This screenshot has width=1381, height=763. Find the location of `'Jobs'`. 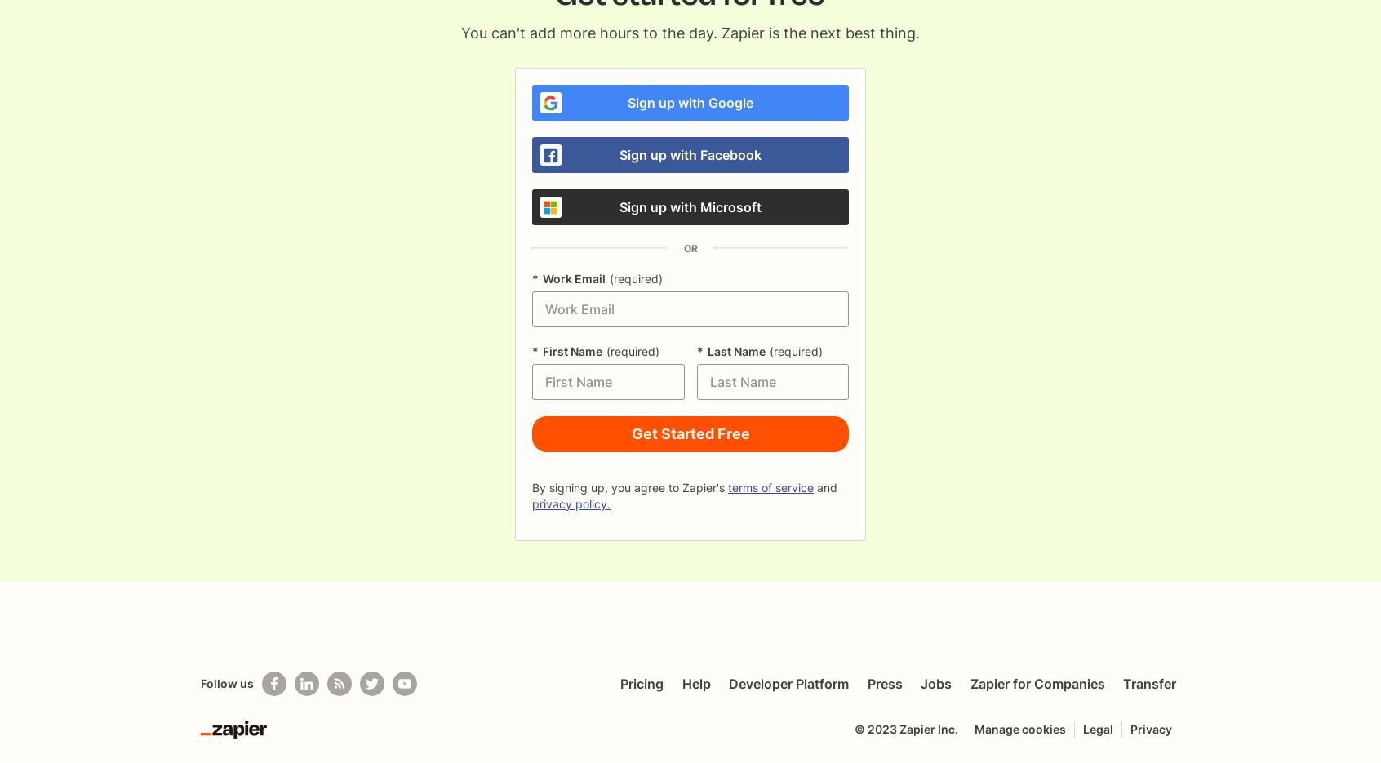

'Jobs' is located at coordinates (935, 684).